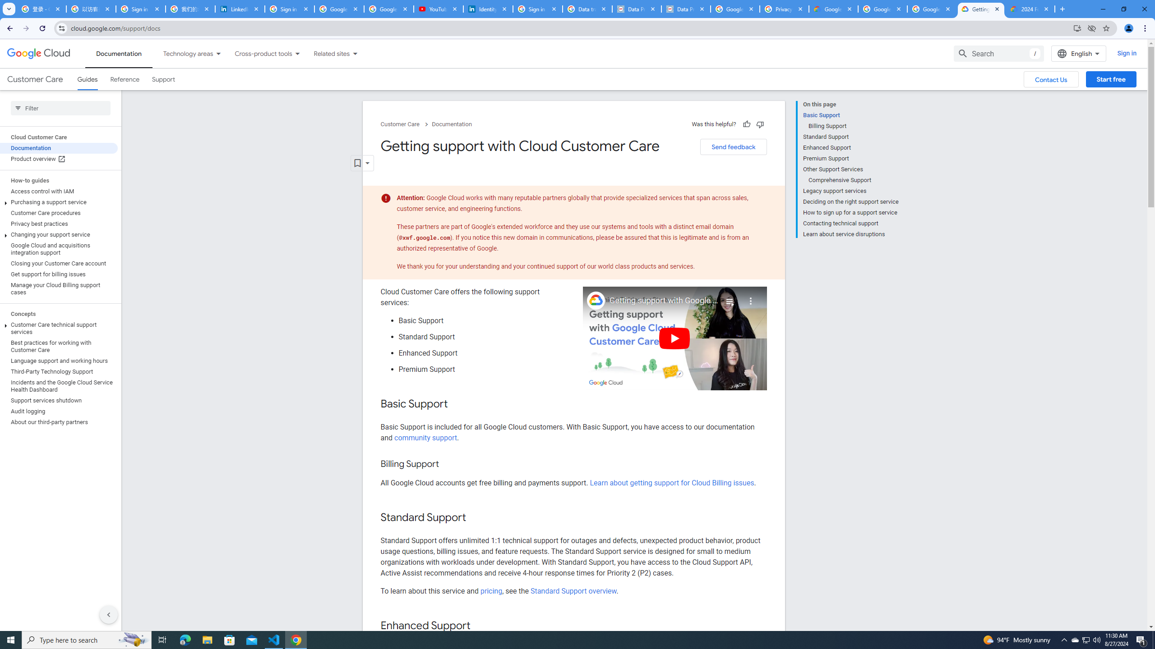 This screenshot has width=1155, height=649. Describe the element at coordinates (850, 114) in the screenshot. I see `'Basic Support'` at that location.